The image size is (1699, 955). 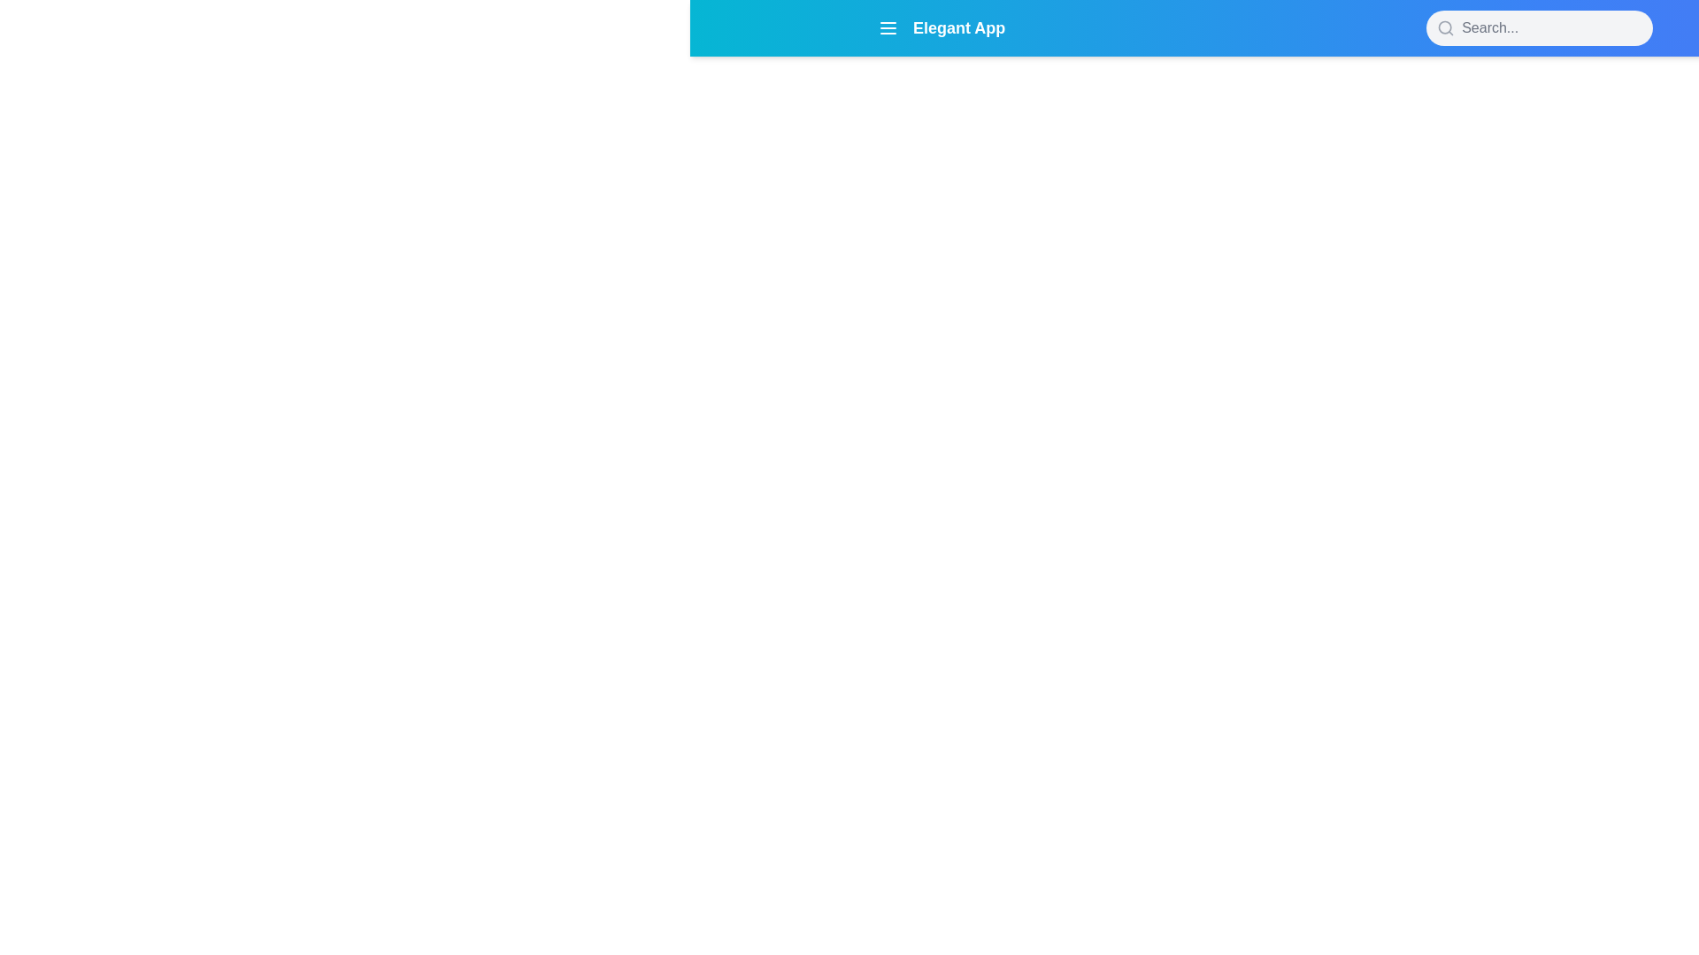 What do you see at coordinates (941, 27) in the screenshot?
I see `the 'Elegant App' text label displayed in bold font, which is located next to the menu icon with three horizontal lines on the left side of the top navigation bar` at bounding box center [941, 27].